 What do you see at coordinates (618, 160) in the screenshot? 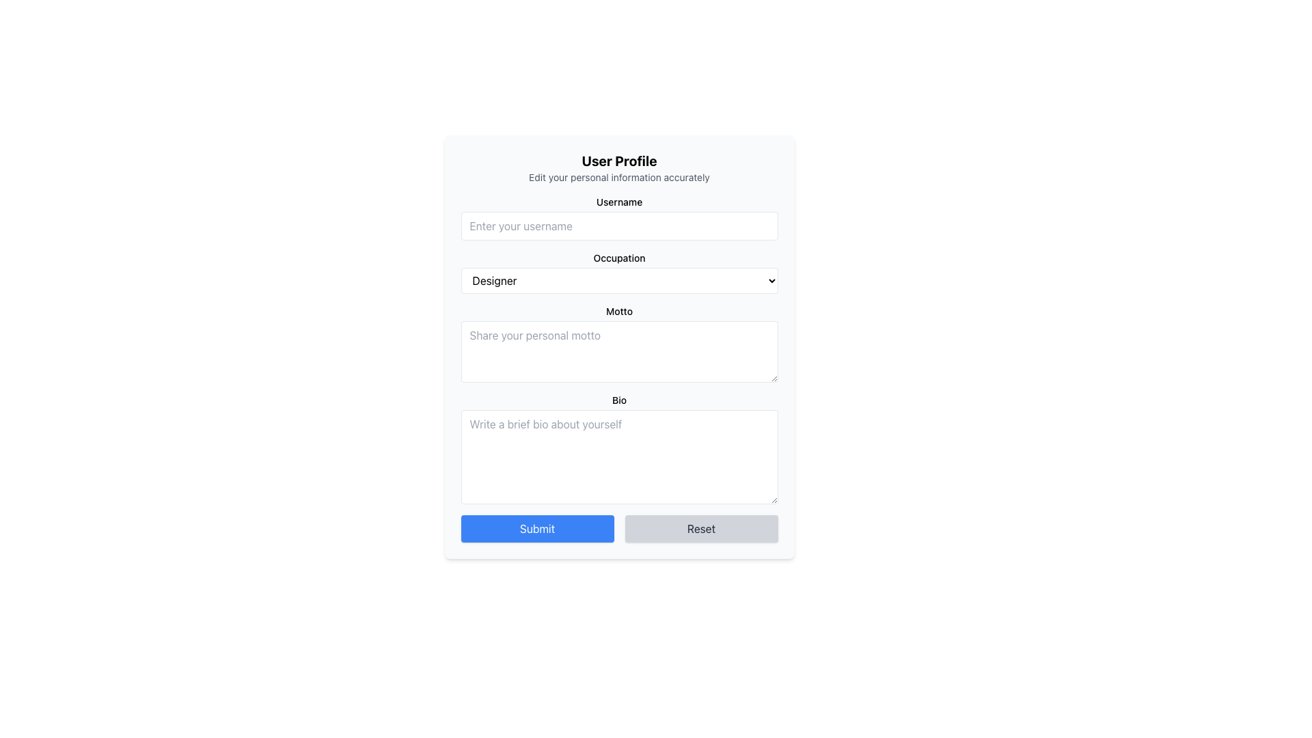
I see `the prominent header text label located at the top of the form content, which indicates the theme or purpose of the section` at bounding box center [618, 160].